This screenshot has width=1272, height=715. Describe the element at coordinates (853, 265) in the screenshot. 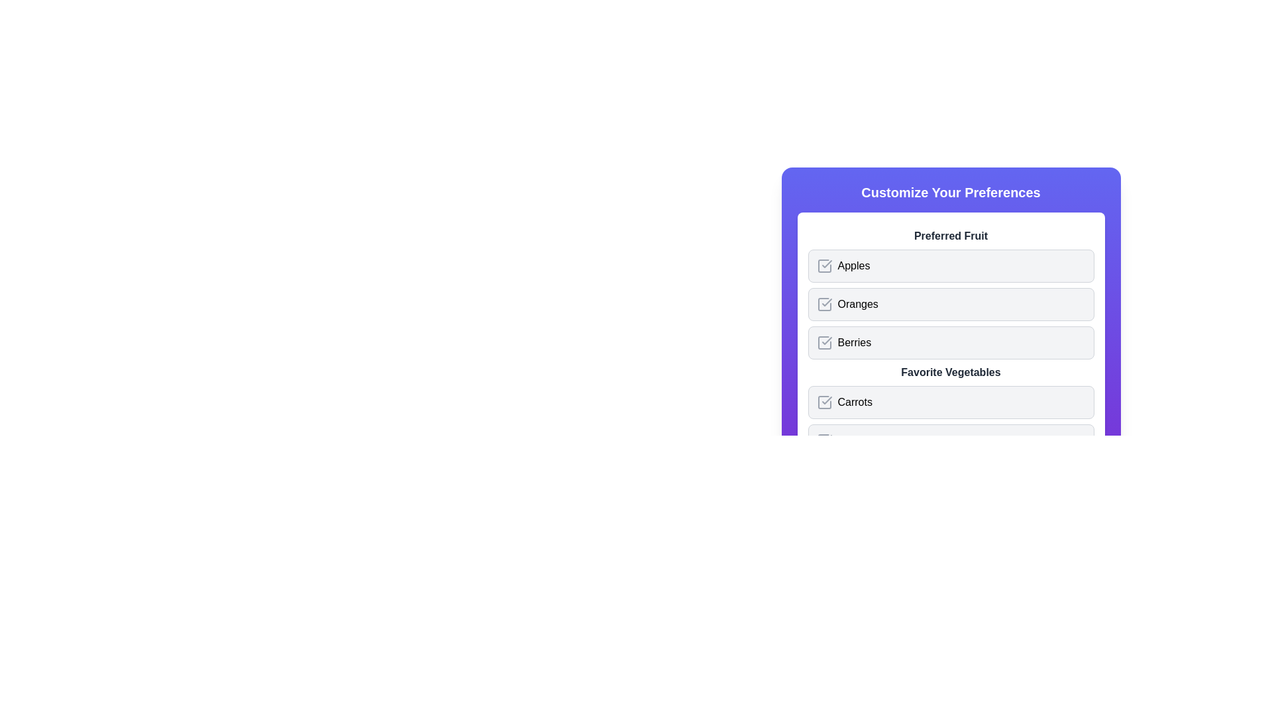

I see `the static text element displaying 'Apples', which is styled in black and located within the 'Preferred Fruit' section of the 'Customize Your Preferences' interface` at that location.